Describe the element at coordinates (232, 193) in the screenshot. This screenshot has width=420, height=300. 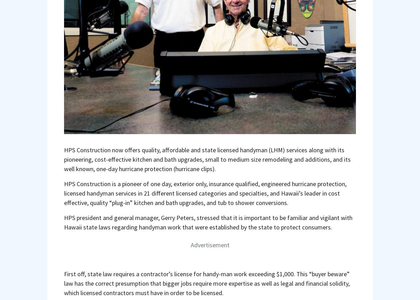
I see `'Terms of Service'` at that location.